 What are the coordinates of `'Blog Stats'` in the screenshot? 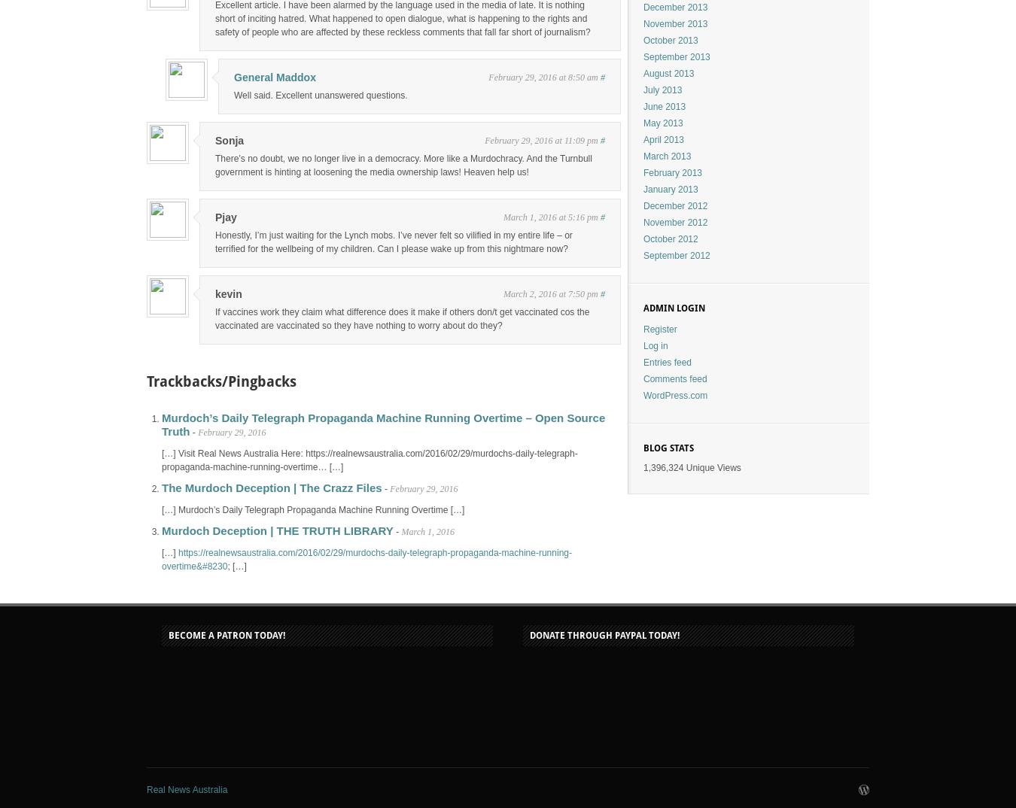 It's located at (668, 448).